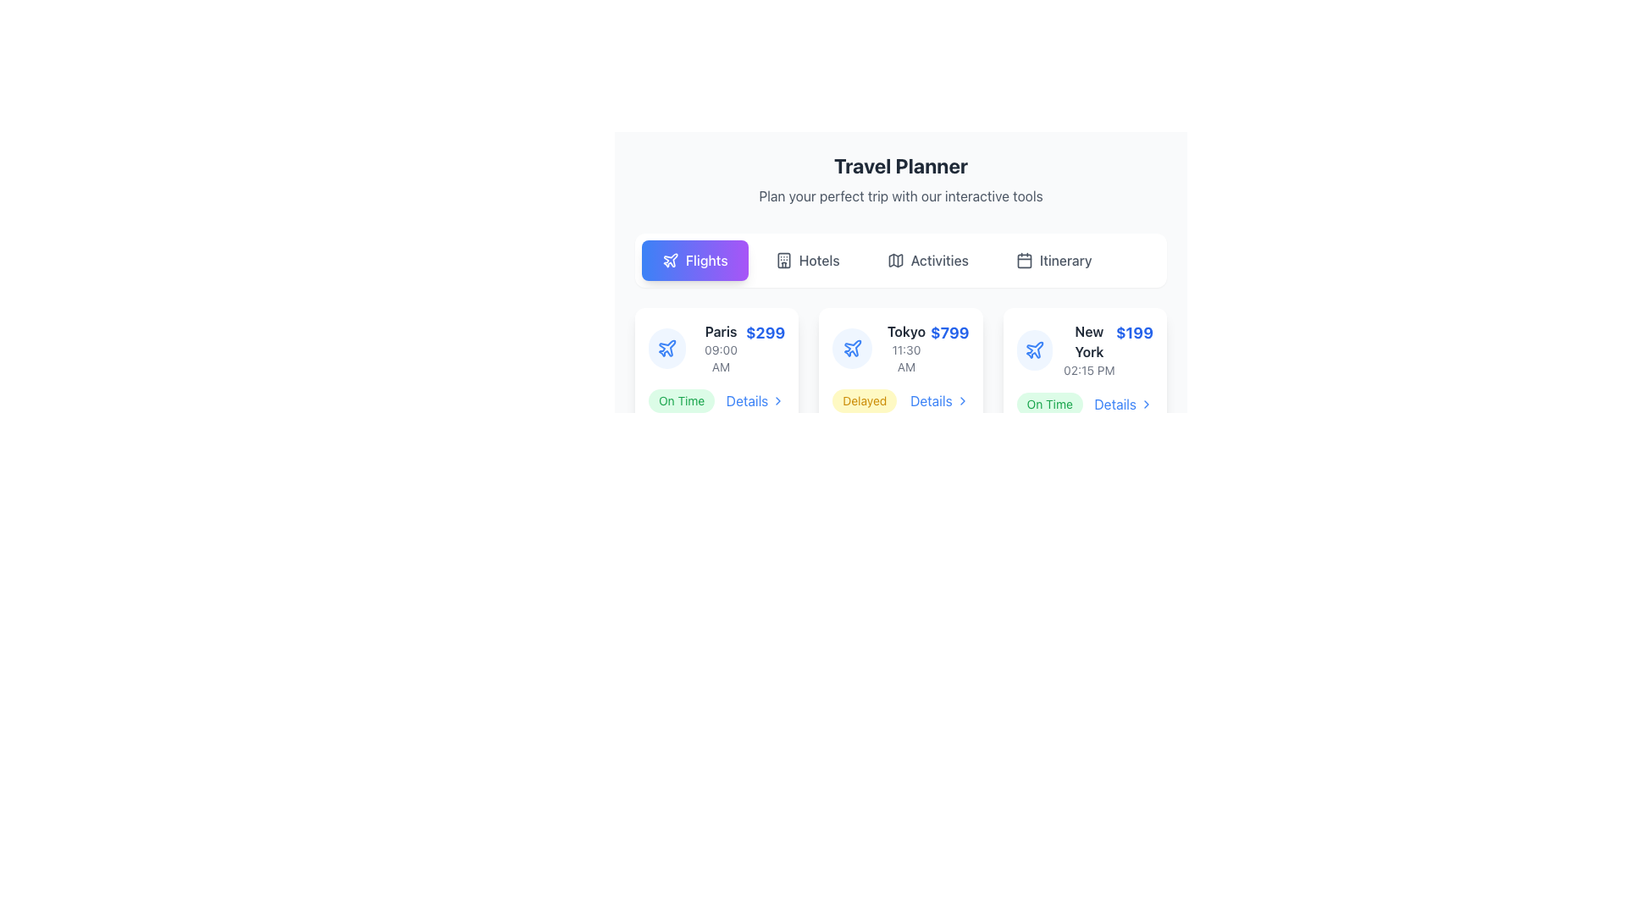 This screenshot has width=1626, height=914. I want to click on text content of the 'Flights' label, which is displayed in white on a gradient button-like component in the menu bar, so click(706, 261).